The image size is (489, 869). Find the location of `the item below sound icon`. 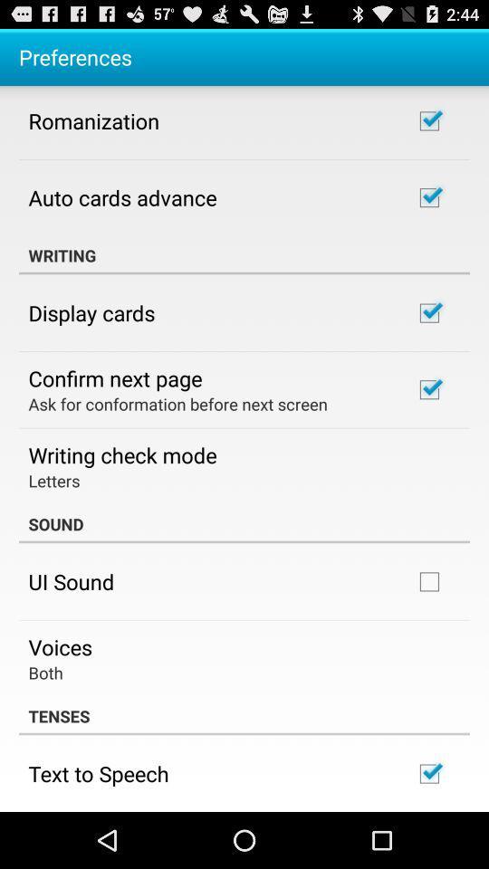

the item below sound icon is located at coordinates (70, 580).